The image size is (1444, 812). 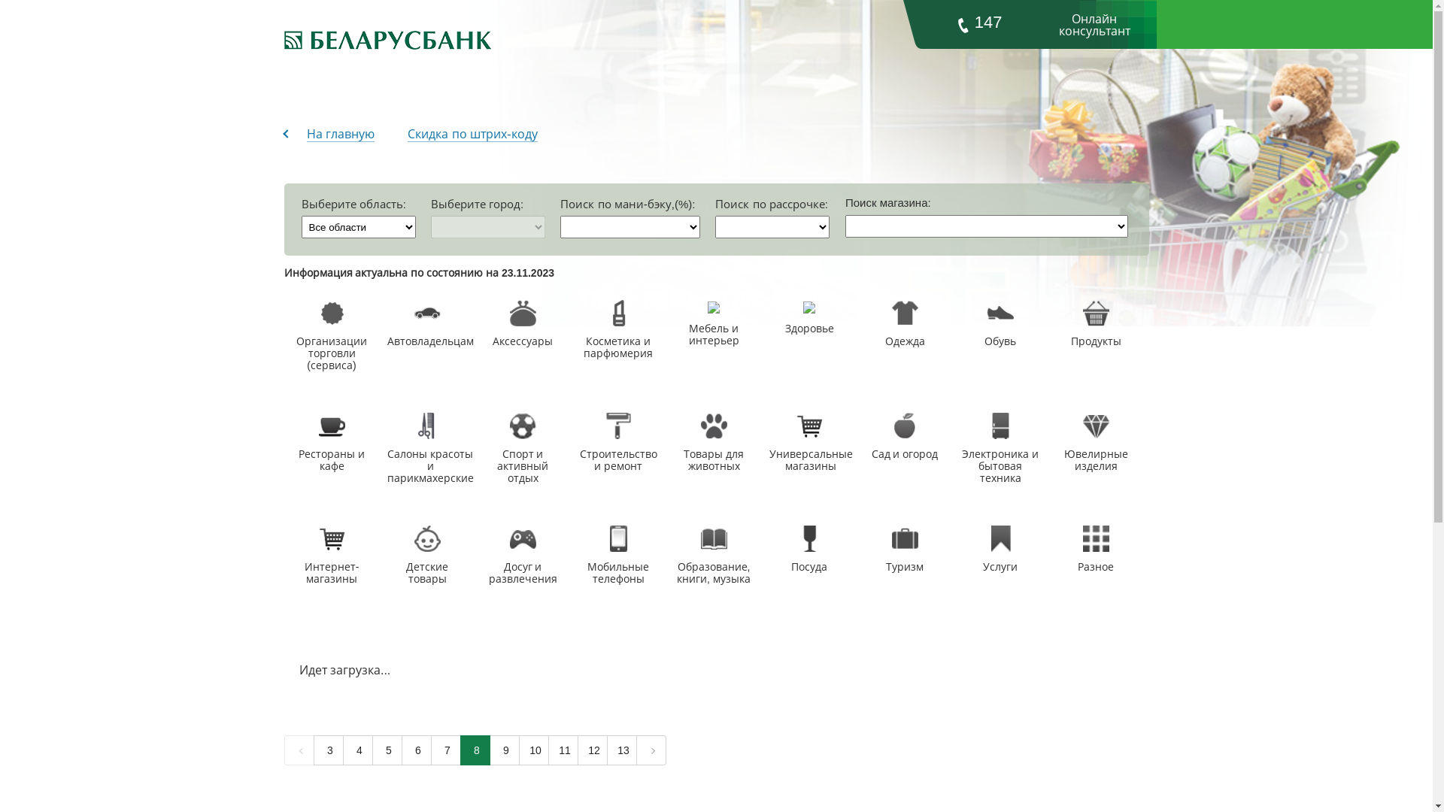 What do you see at coordinates (327, 750) in the screenshot?
I see `'3'` at bounding box center [327, 750].